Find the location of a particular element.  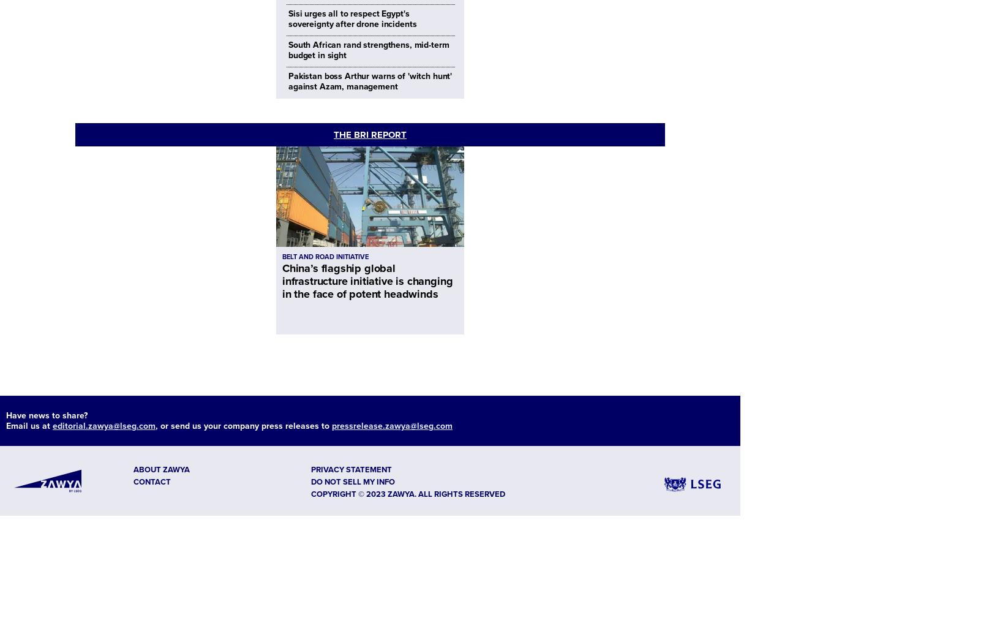

'Sisi urges all to respect Egypt's sovereignty after drone incidents' is located at coordinates (288, 17).